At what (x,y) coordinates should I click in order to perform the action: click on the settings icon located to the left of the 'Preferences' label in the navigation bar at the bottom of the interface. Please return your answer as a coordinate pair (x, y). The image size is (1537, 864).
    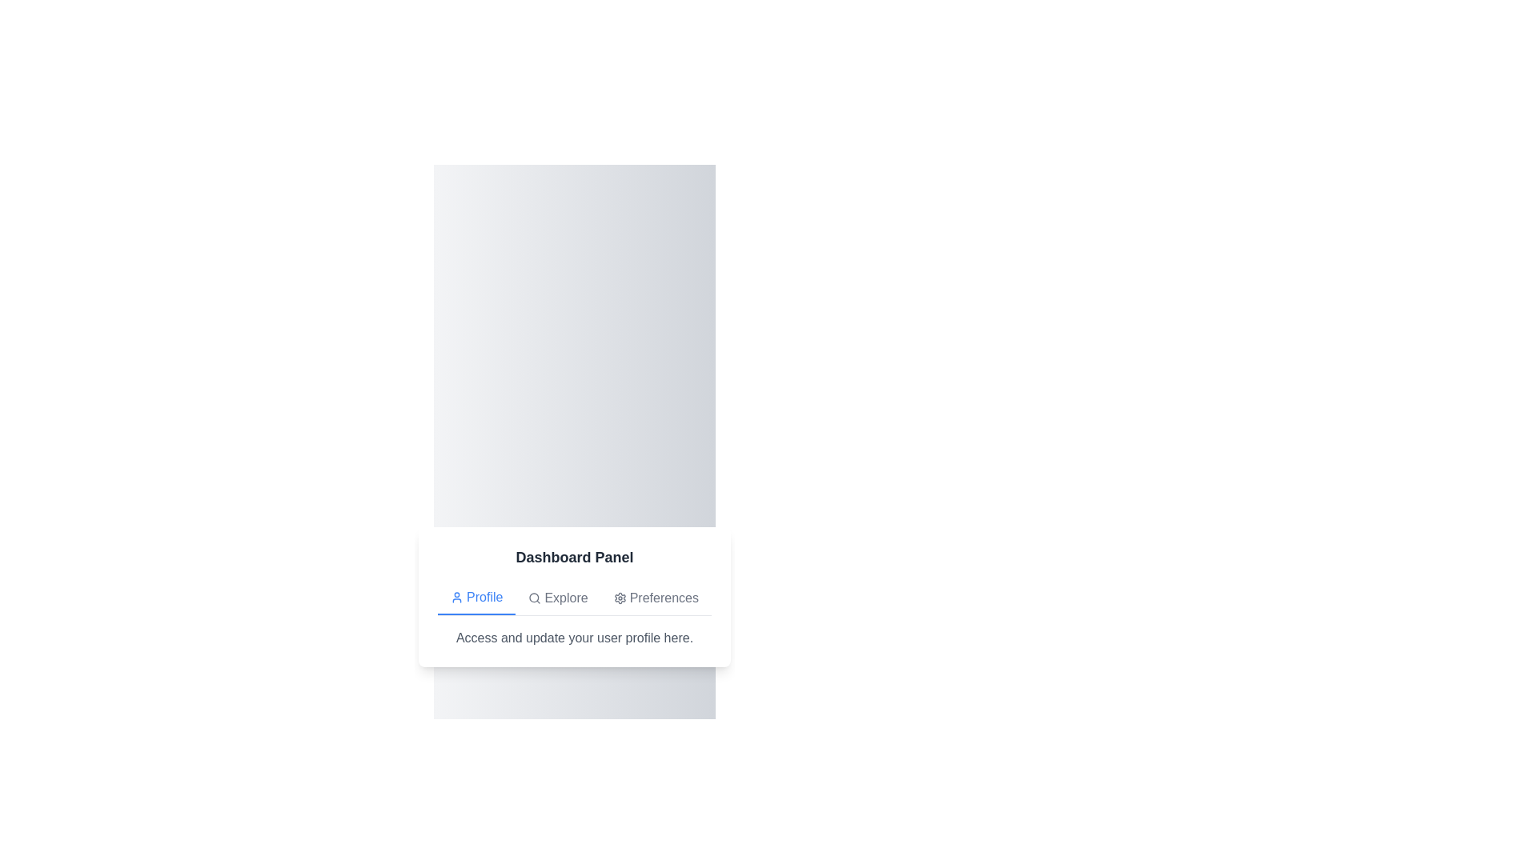
    Looking at the image, I should click on (619, 598).